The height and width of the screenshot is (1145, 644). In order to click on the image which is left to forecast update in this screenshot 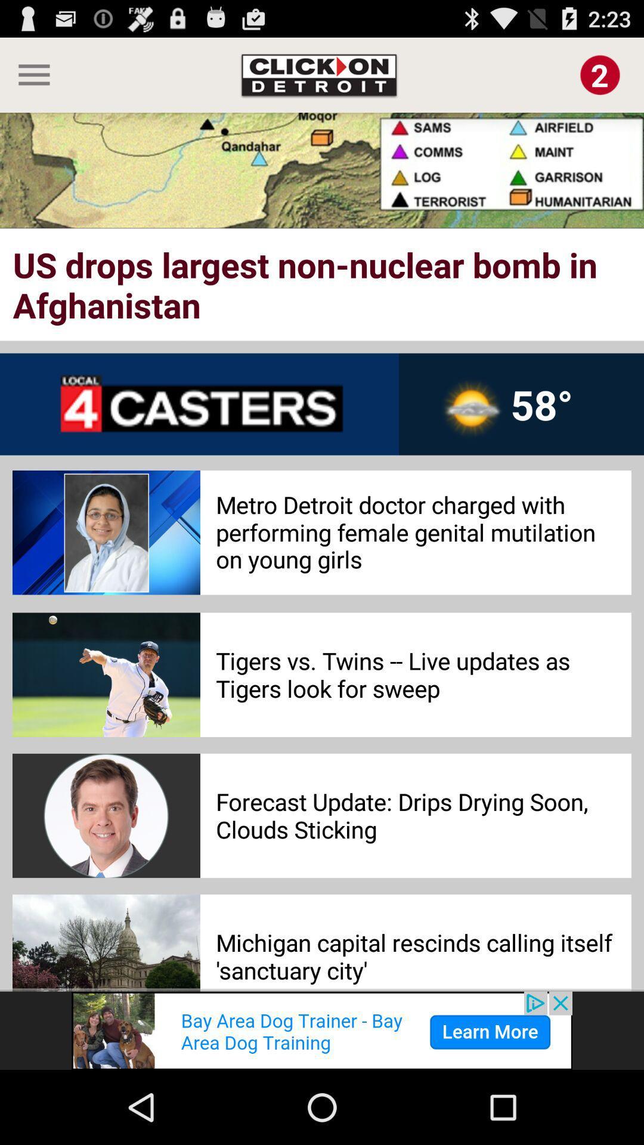, I will do `click(106, 815)`.